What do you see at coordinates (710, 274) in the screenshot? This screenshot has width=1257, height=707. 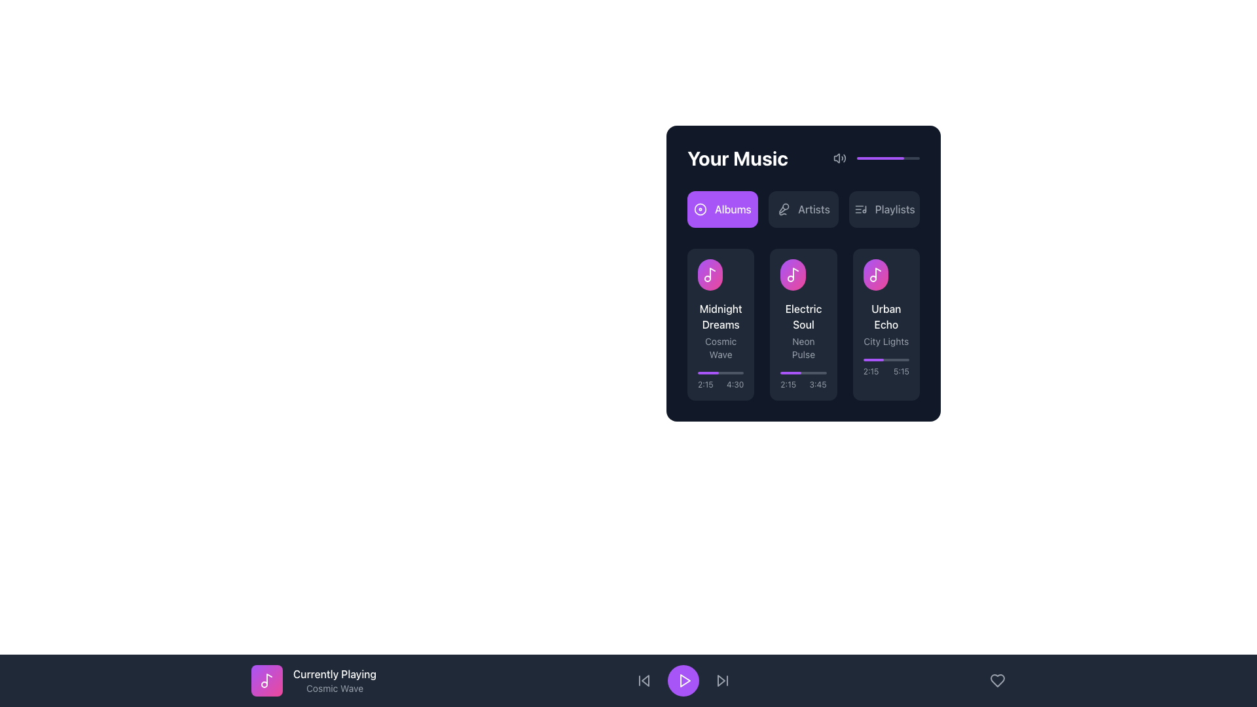 I see `the circular icon button with a gradient background that features a white music note icon, located in the 'Your Music' interface within the 'Midnight Dreams' album card` at bounding box center [710, 274].